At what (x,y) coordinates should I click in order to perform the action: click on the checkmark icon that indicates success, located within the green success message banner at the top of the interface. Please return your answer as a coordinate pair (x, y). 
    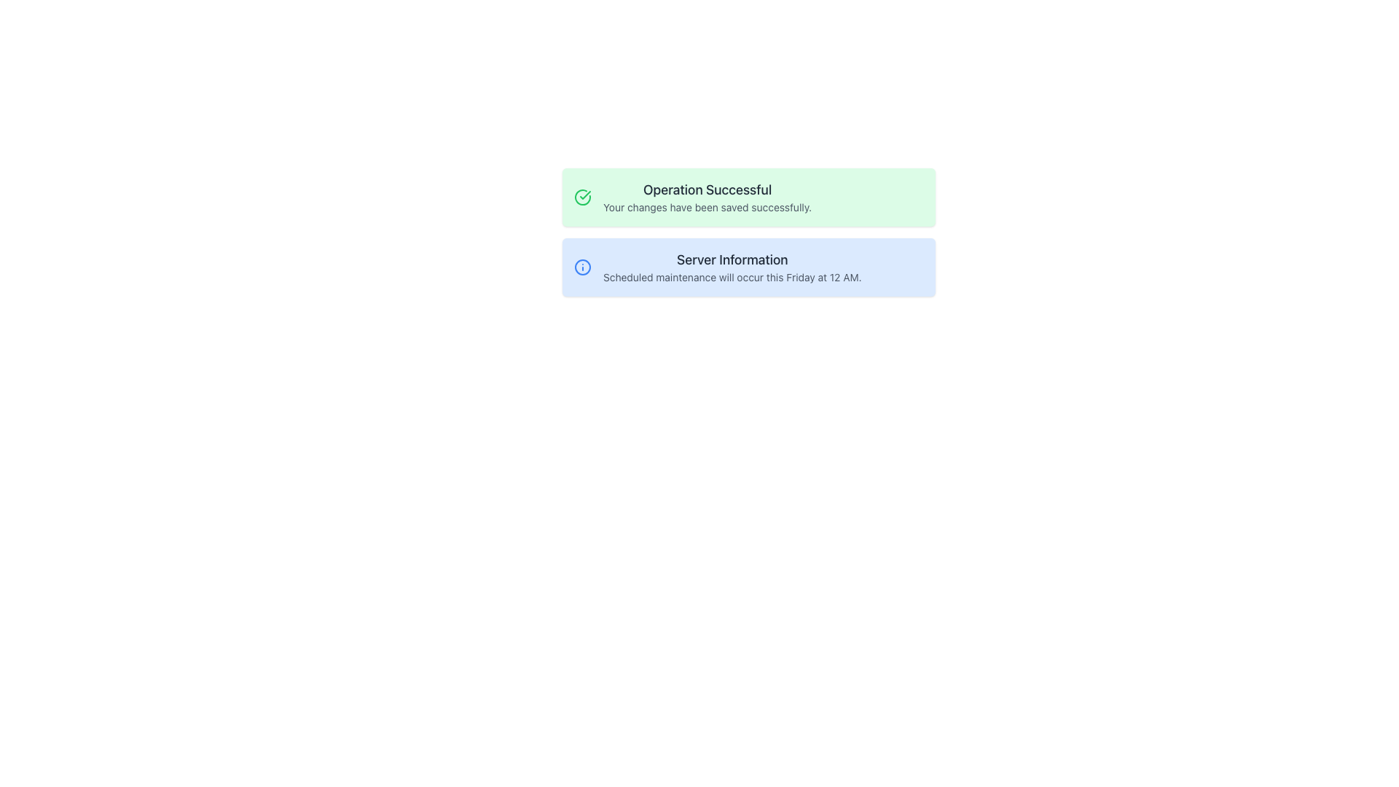
    Looking at the image, I should click on (585, 194).